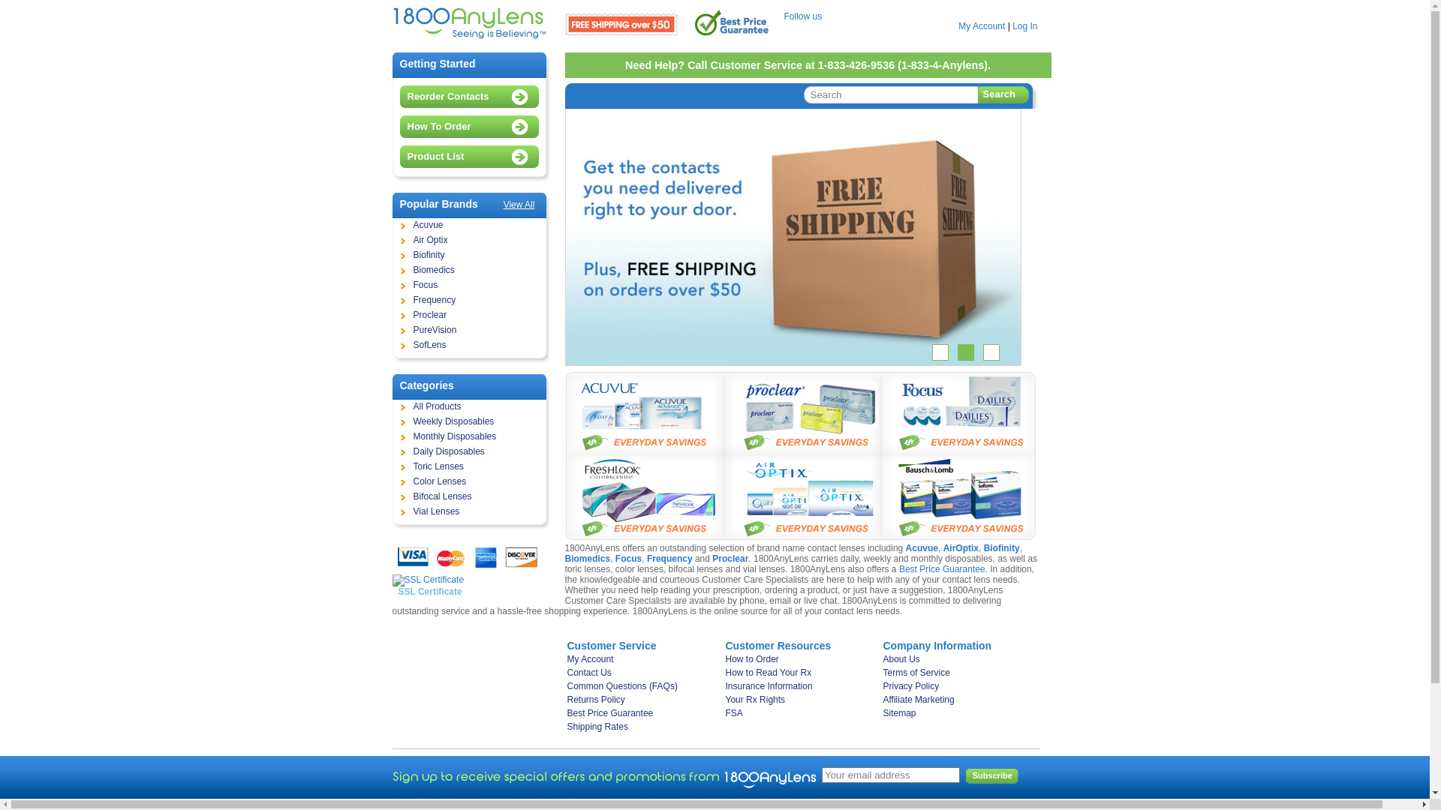 This screenshot has height=810, width=1441. Describe the element at coordinates (941, 569) in the screenshot. I see `'Best Price Guarantee'` at that location.